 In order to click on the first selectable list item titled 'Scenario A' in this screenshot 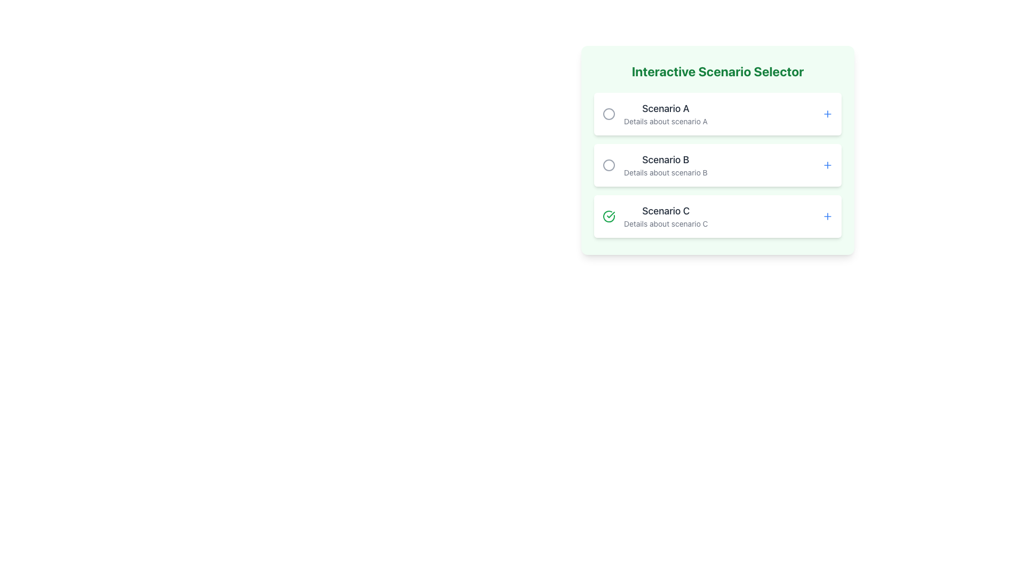, I will do `click(665, 114)`.